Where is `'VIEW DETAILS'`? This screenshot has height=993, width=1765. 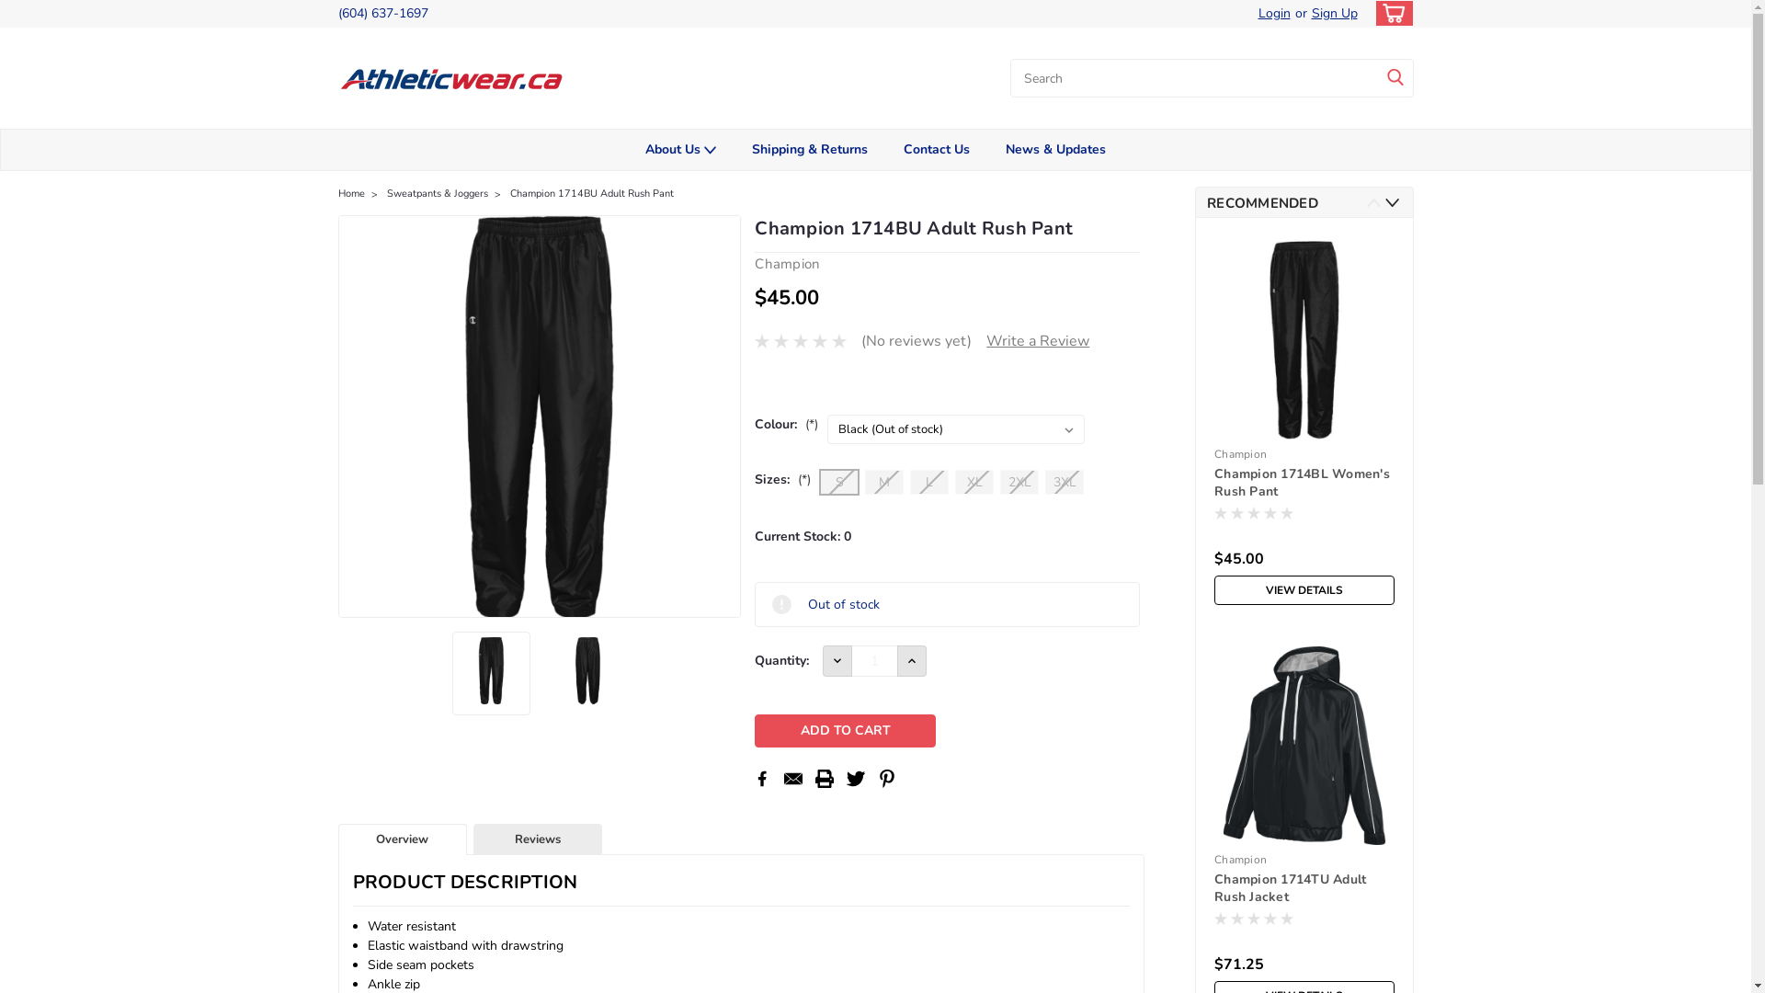
'VIEW DETAILS' is located at coordinates (1304, 589).